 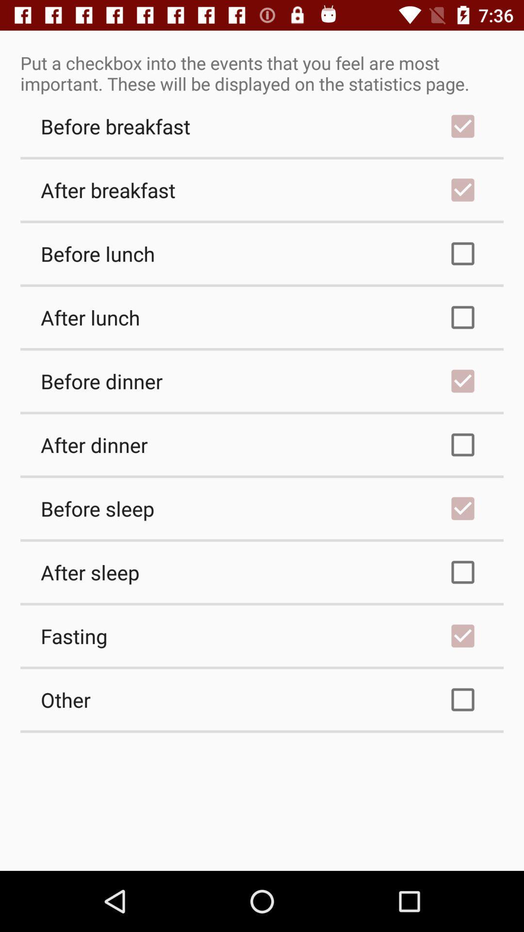 What do you see at coordinates (262, 444) in the screenshot?
I see `the icon below the before dinner` at bounding box center [262, 444].